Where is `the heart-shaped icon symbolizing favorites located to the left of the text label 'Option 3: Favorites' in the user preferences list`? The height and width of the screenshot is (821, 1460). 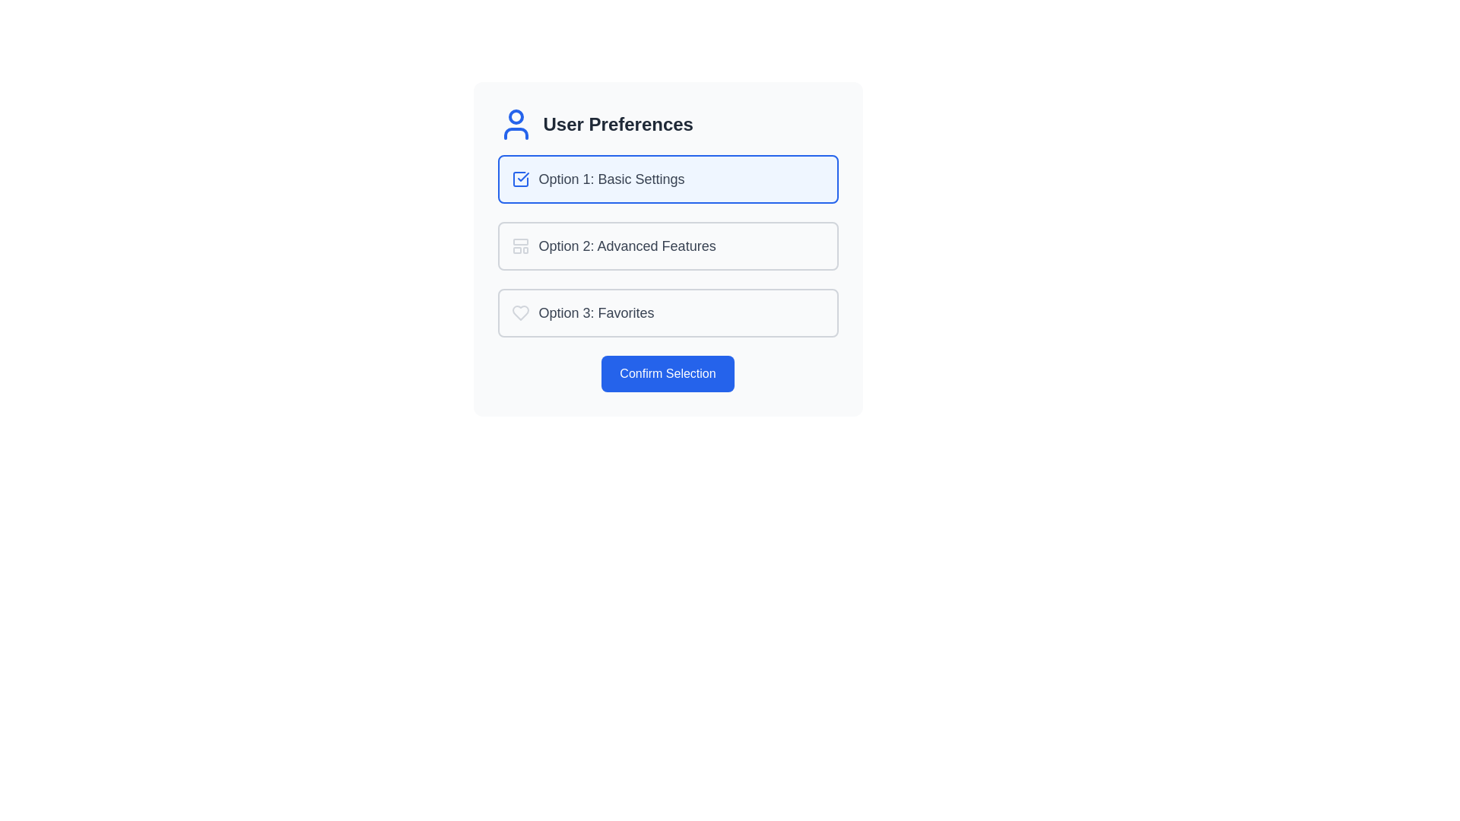 the heart-shaped icon symbolizing favorites located to the left of the text label 'Option 3: Favorites' in the user preferences list is located at coordinates (520, 312).